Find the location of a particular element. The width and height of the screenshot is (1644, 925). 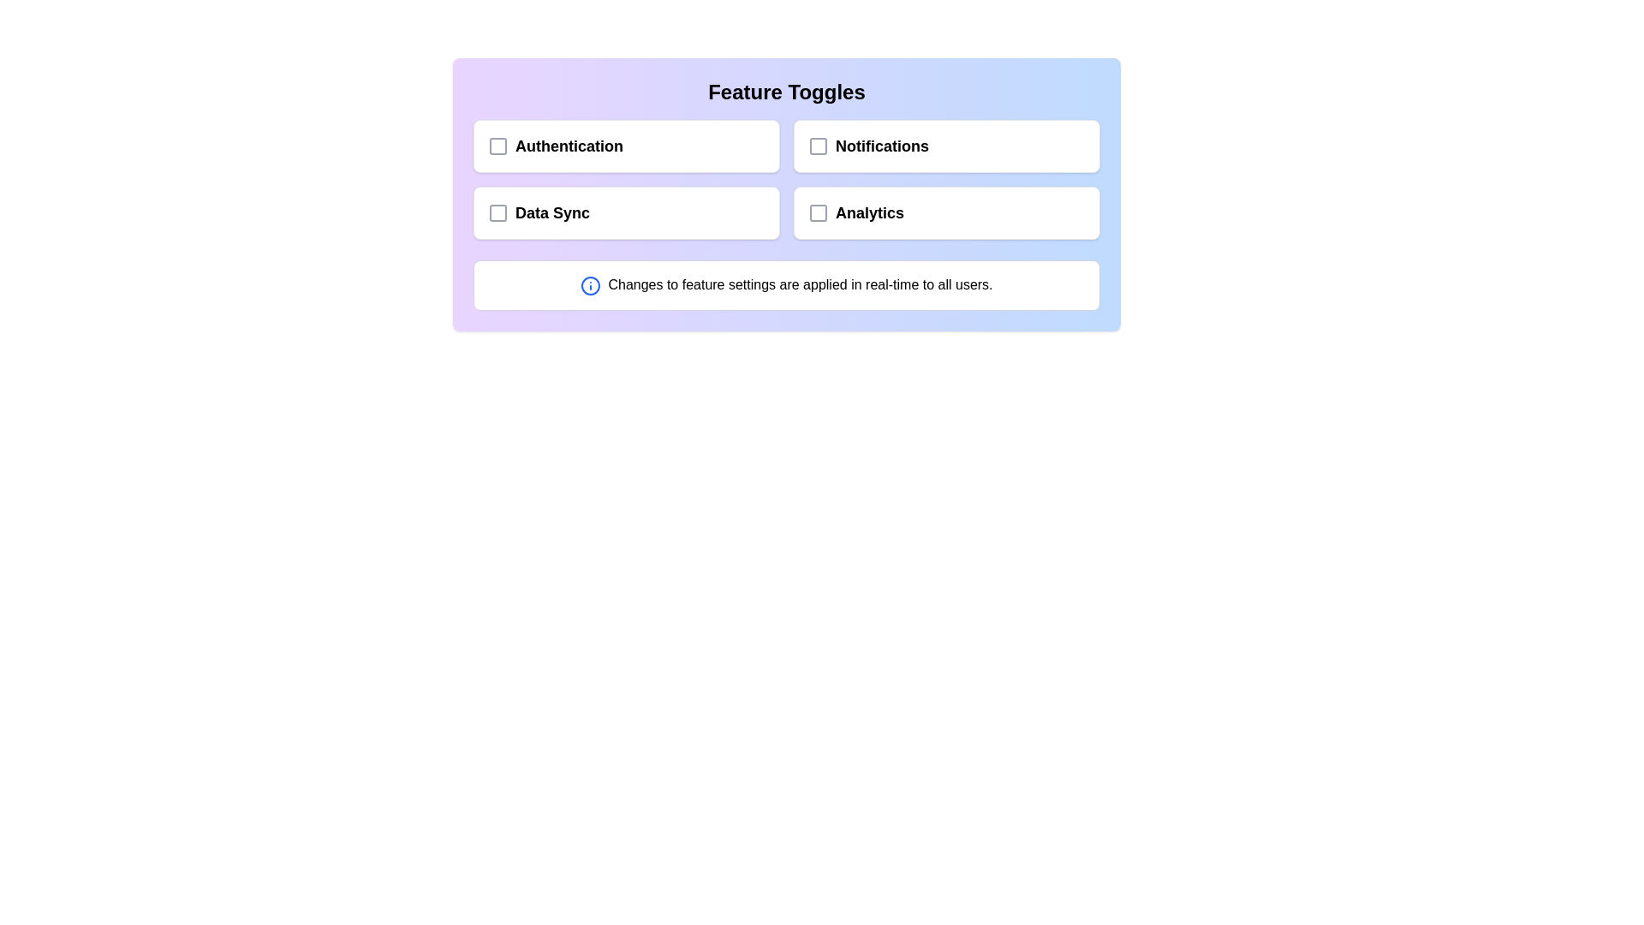

the checkbox for the 'Notifications' option is located at coordinates (817, 145).